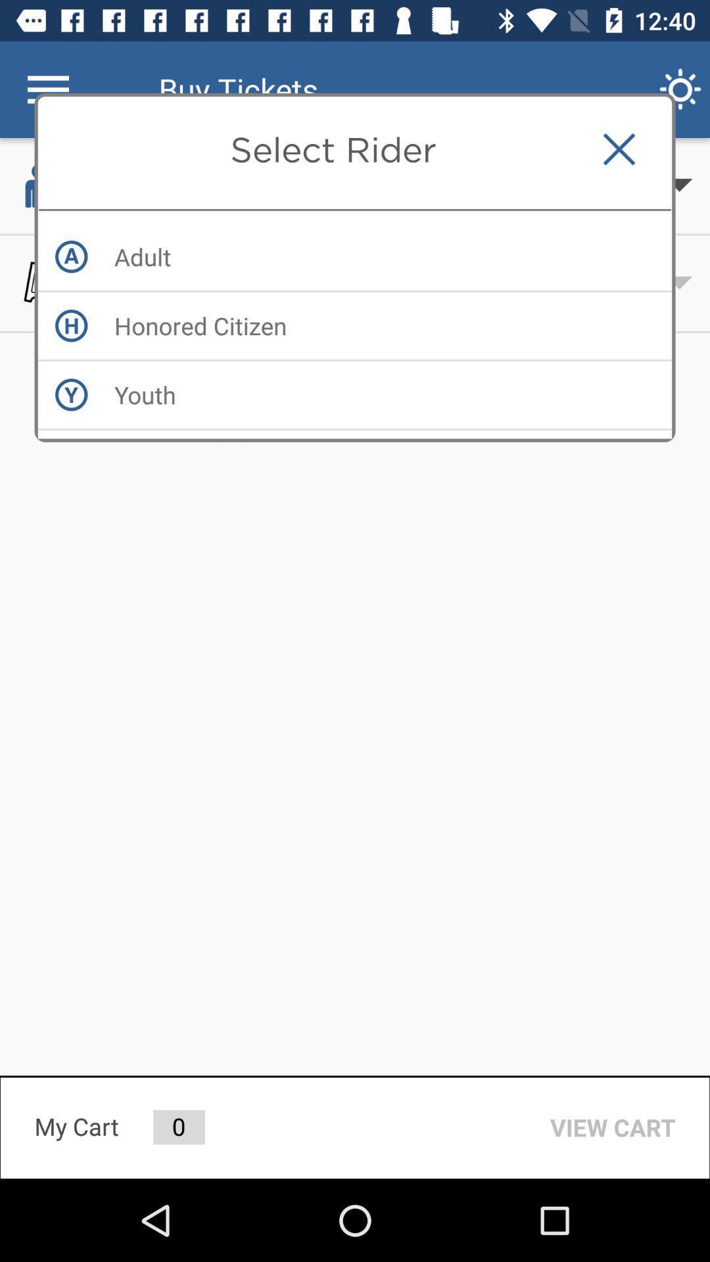 The image size is (710, 1262). Describe the element at coordinates (619, 149) in the screenshot. I see `icon at the top right corner` at that location.